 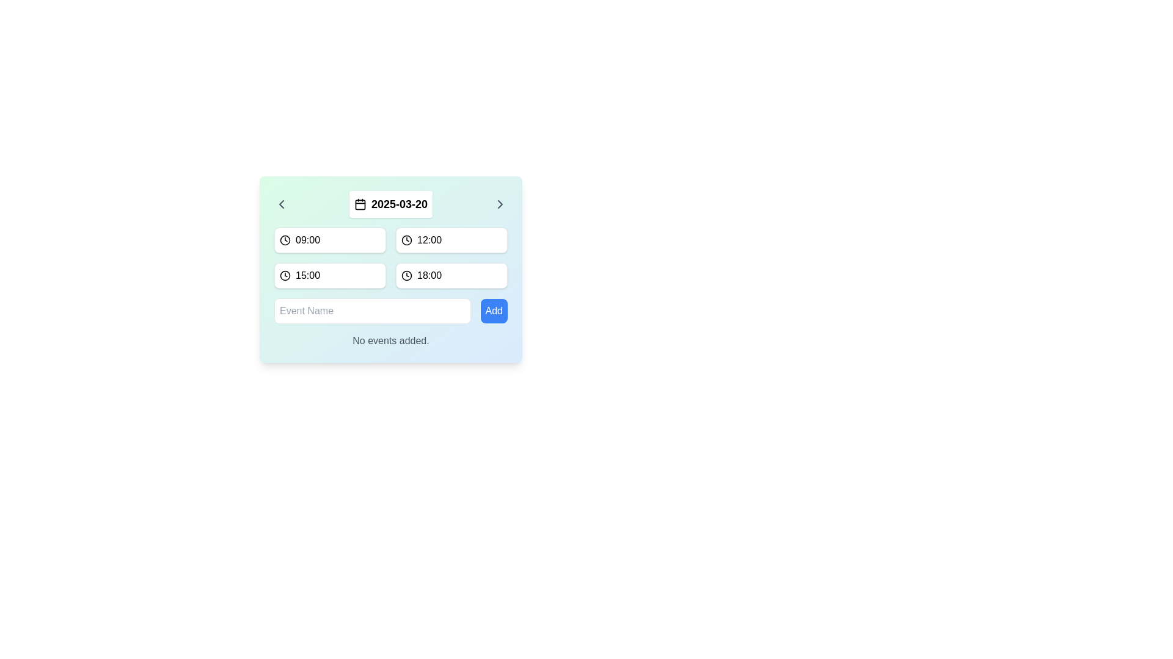 I want to click on the SVG Circle representing the clock icon, which is positioned to the left of the text input field labeled '09:00', so click(x=284, y=240).